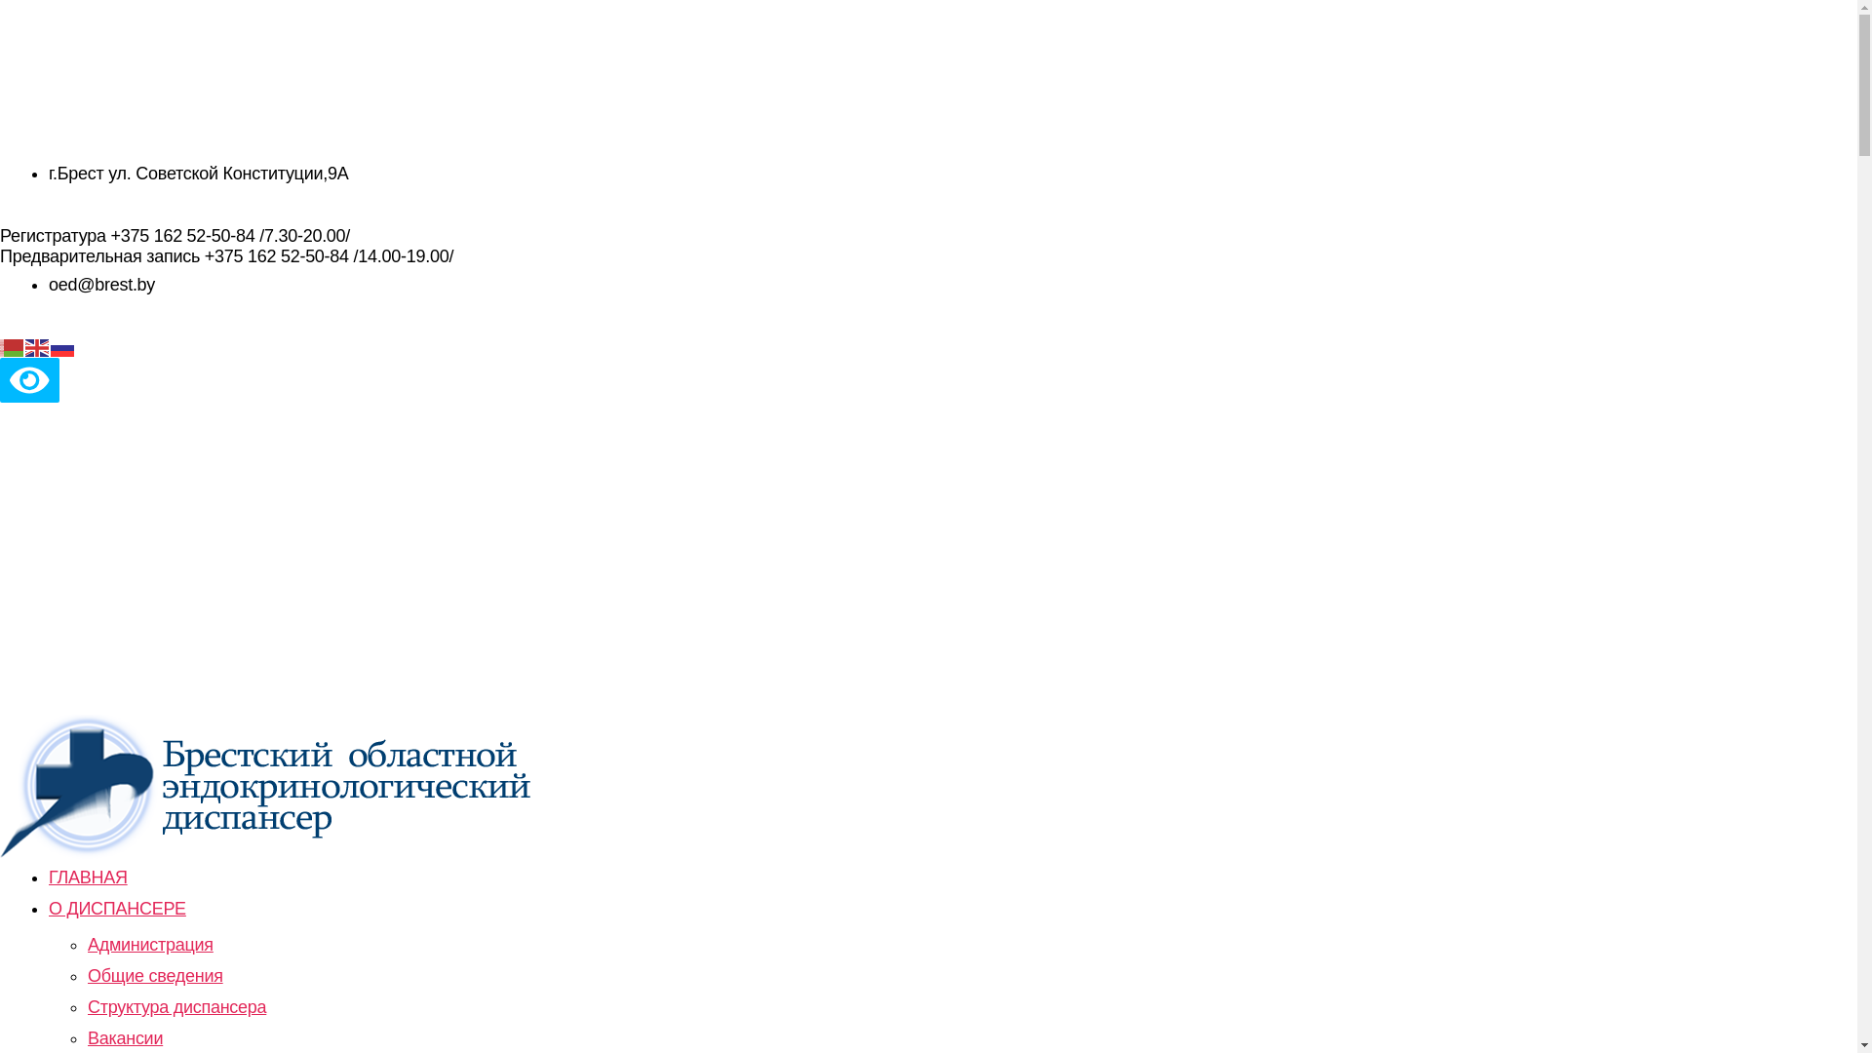 Image resolution: width=1872 pixels, height=1053 pixels. Describe the element at coordinates (13, 345) in the screenshot. I see `'Belarusian'` at that location.